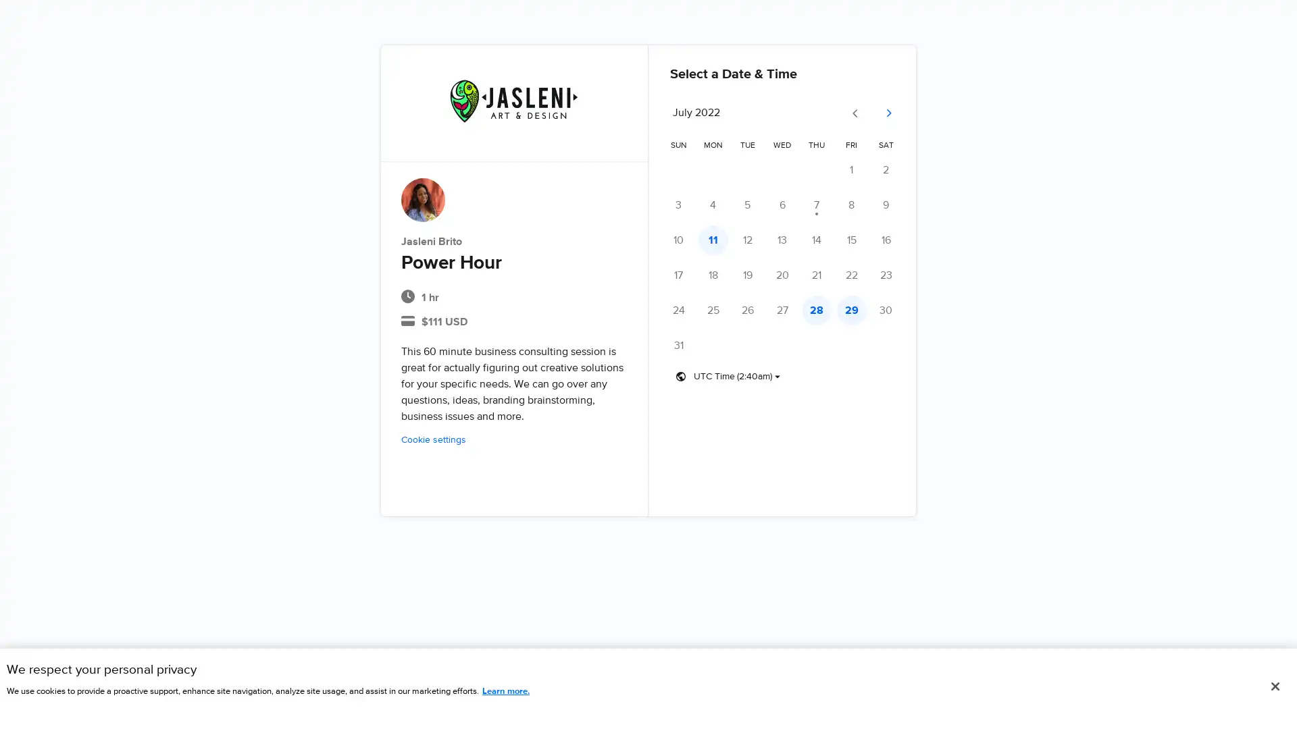  What do you see at coordinates (852, 239) in the screenshot?
I see `Friday, July 15 - No times available` at bounding box center [852, 239].